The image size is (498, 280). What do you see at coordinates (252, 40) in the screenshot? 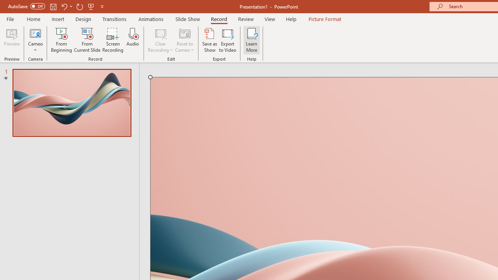
I see `'Learn More'` at bounding box center [252, 40].